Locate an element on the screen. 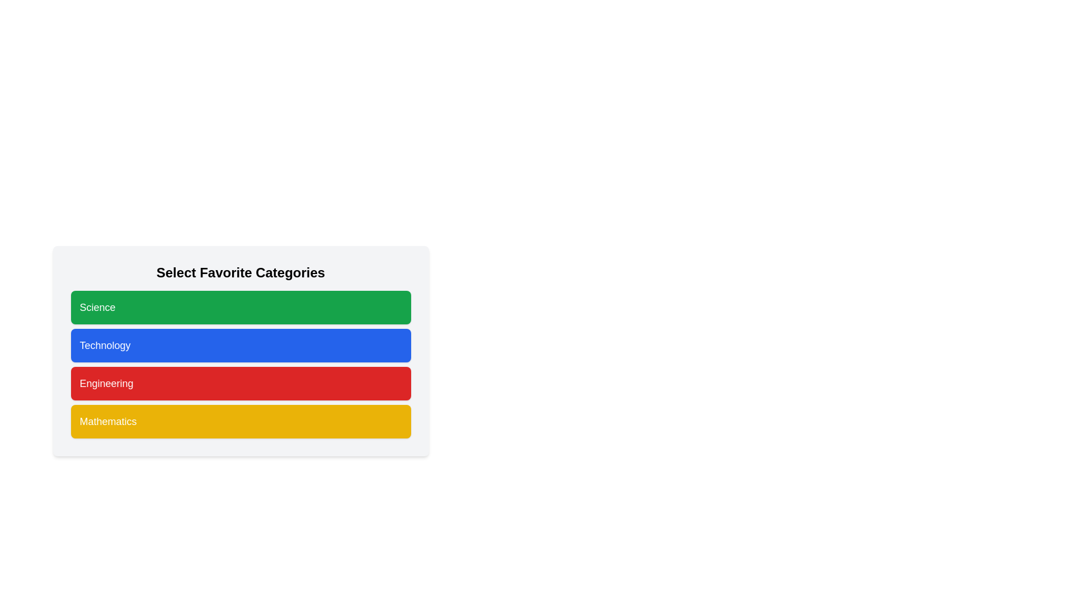  label 'Technology' displayed in the centrally aligned text label within the blue clickable category box under the 'Select Favorite Categories' header is located at coordinates (105, 345).